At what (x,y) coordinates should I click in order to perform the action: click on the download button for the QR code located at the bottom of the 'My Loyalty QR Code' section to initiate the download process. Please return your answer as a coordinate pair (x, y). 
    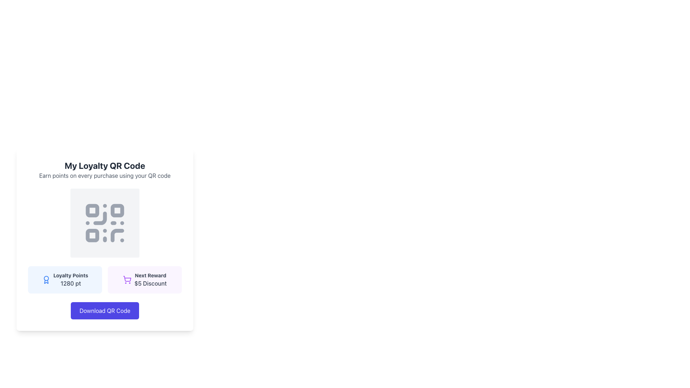
    Looking at the image, I should click on (105, 310).